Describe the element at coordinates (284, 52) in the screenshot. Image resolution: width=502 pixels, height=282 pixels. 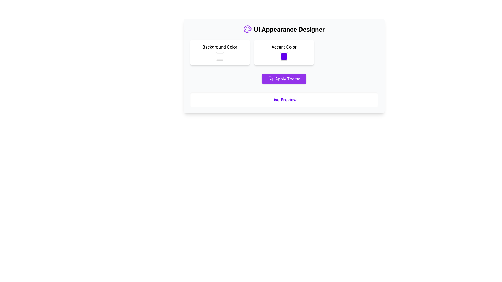
I see `the 'Background Color' and 'Accent Color' titles` at that location.